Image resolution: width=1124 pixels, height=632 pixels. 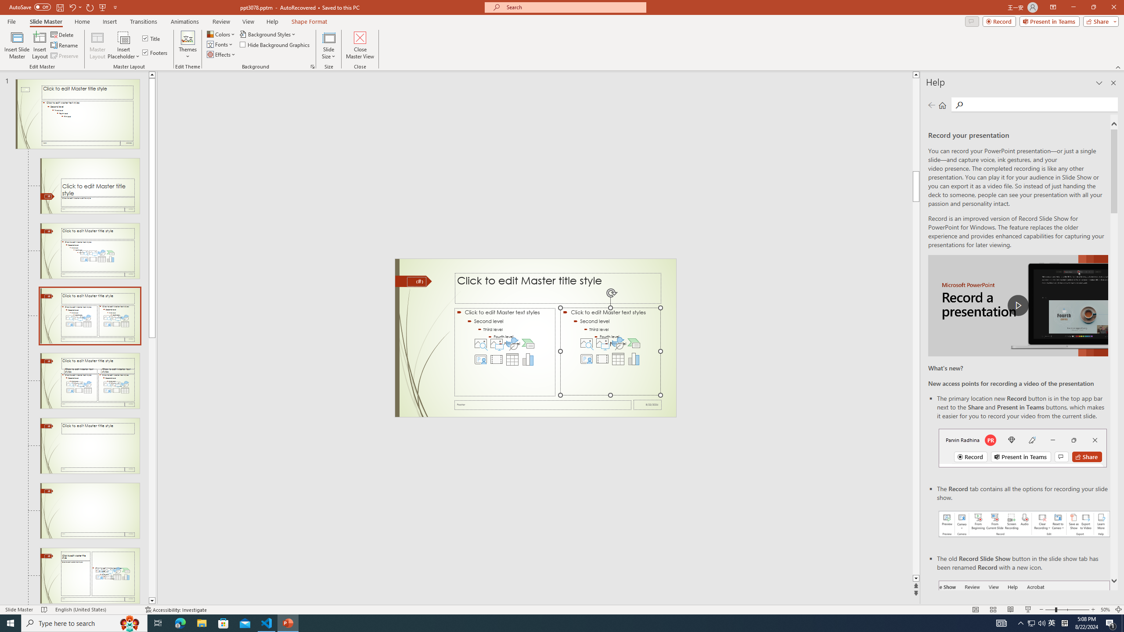 What do you see at coordinates (1018, 305) in the screenshot?
I see `'play Record a Presentation'` at bounding box center [1018, 305].